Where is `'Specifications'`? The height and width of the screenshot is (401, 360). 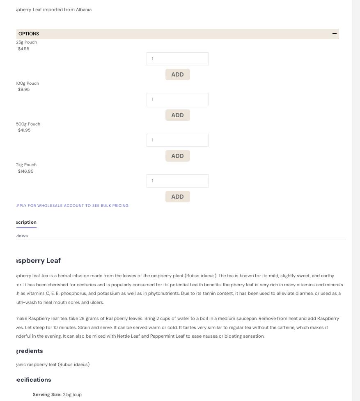
'Specifications' is located at coordinates (30, 378).